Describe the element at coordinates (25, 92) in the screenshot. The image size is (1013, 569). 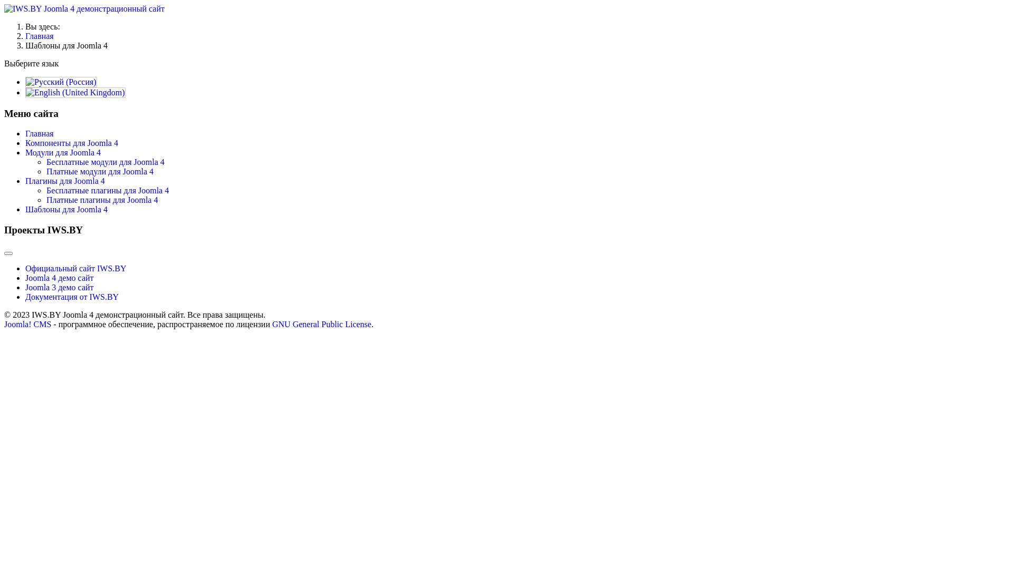
I see `'English (United Kingdom)'` at that location.